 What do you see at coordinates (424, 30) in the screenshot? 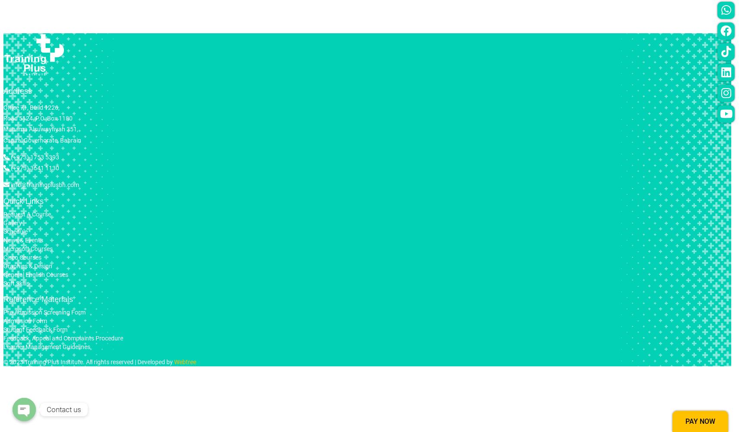
I see `'General English'` at bounding box center [424, 30].